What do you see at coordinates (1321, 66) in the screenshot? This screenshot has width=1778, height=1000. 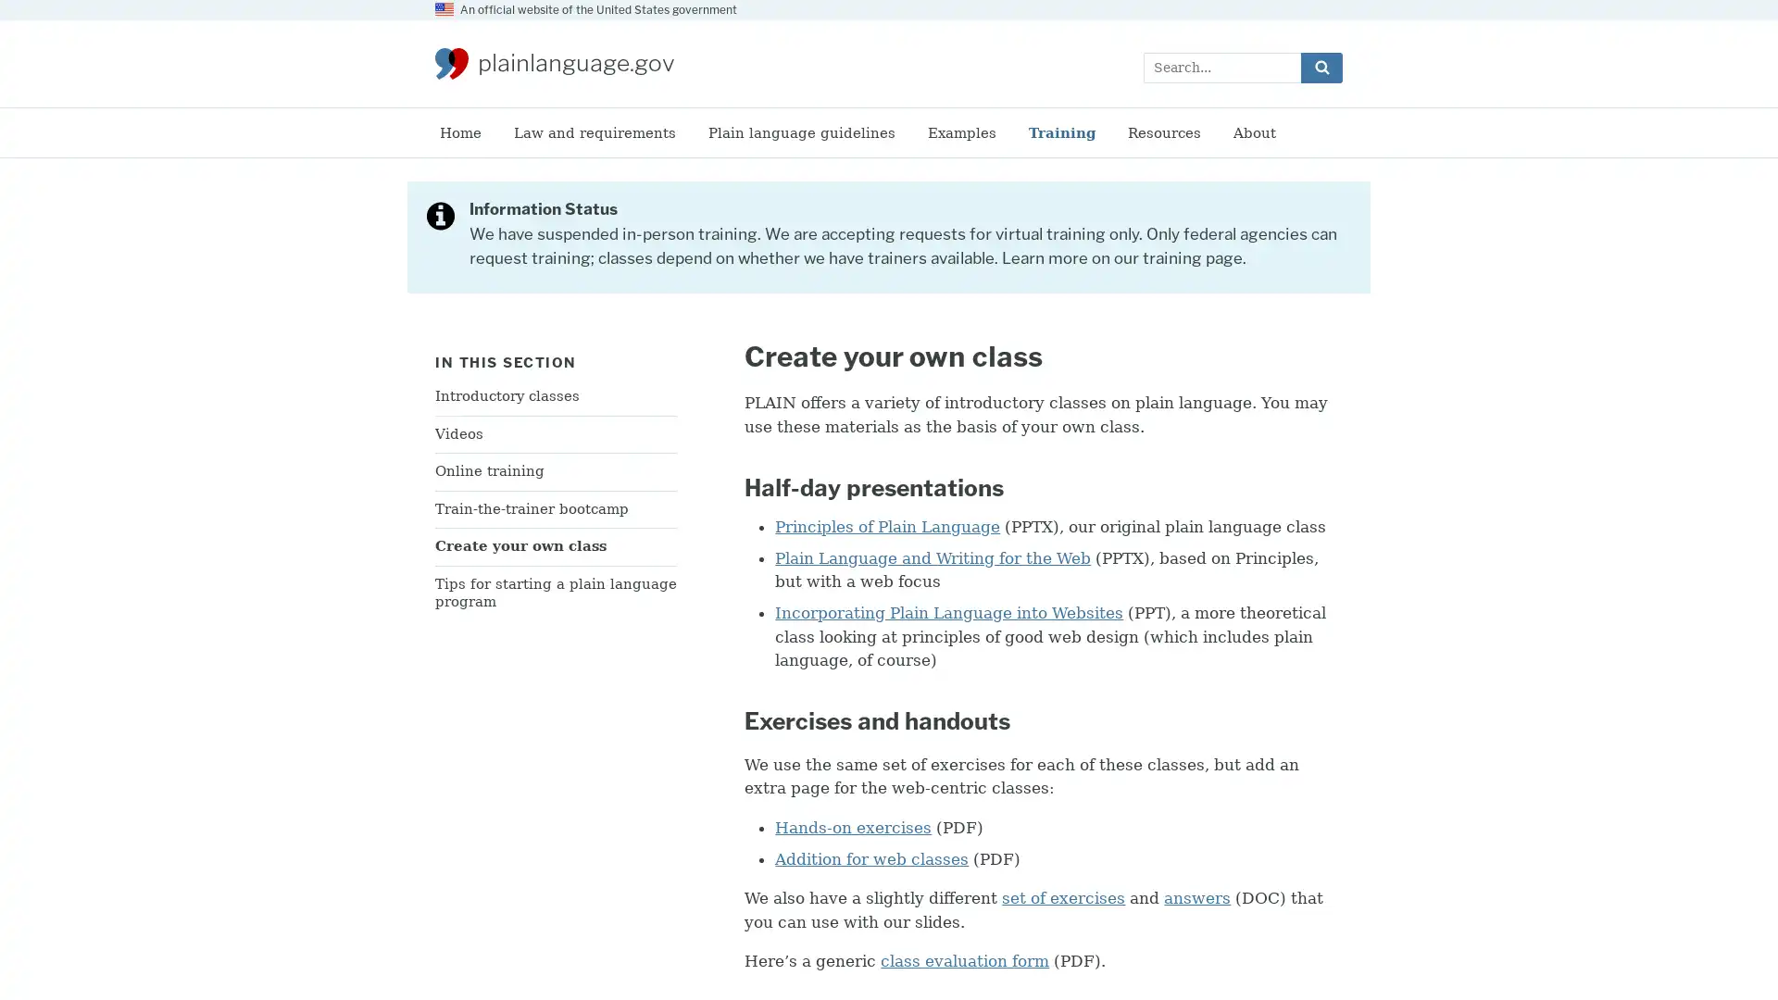 I see `Search` at bounding box center [1321, 66].